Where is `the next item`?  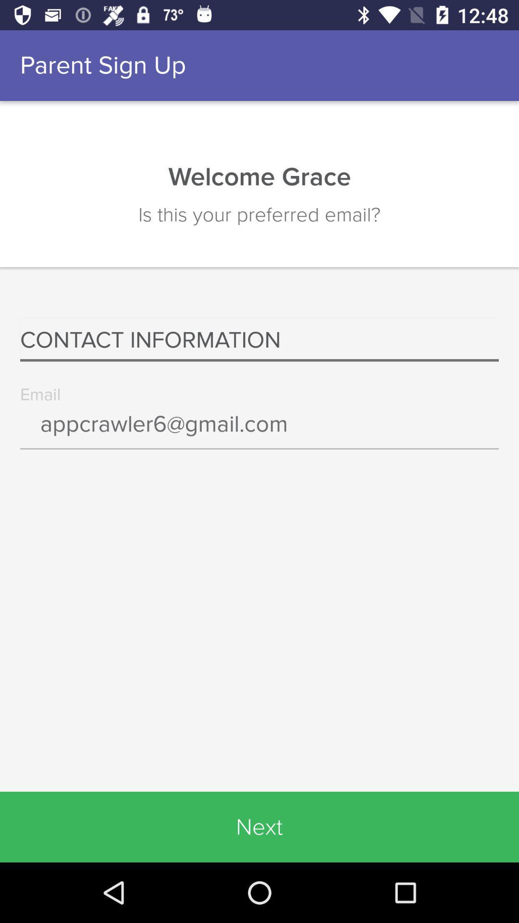 the next item is located at coordinates (259, 826).